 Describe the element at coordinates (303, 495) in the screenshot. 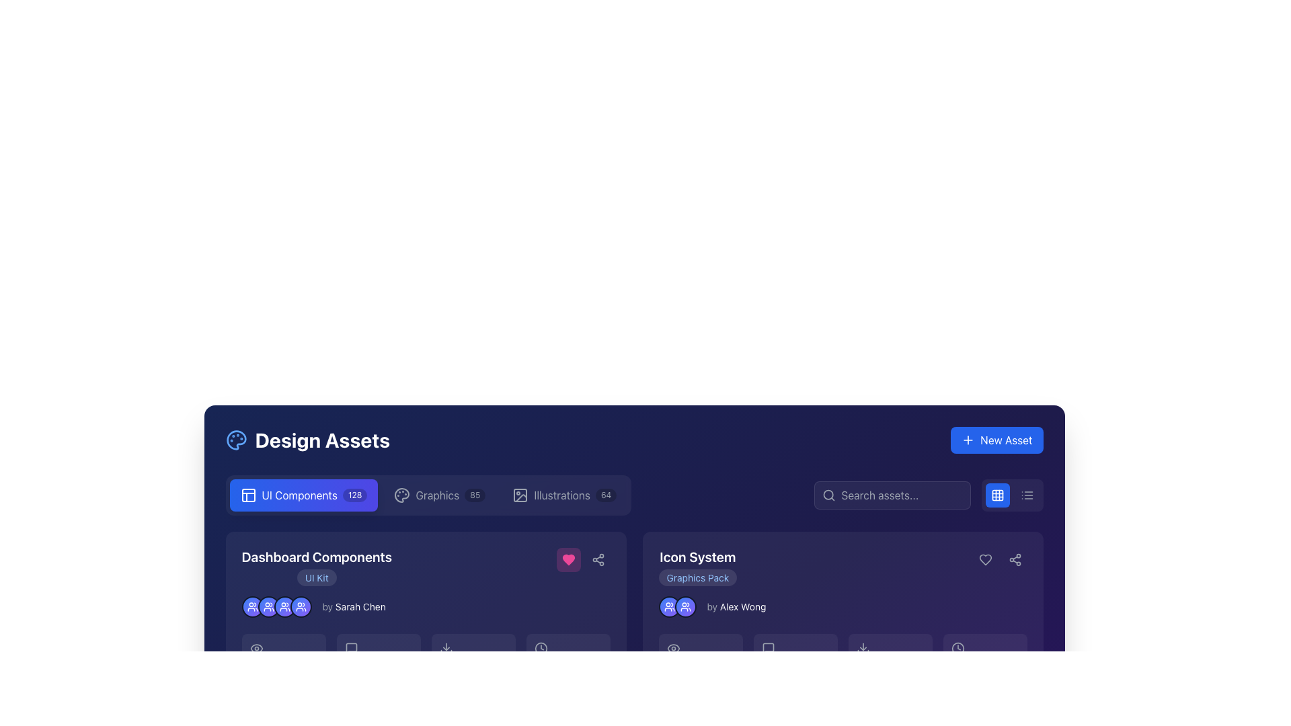

I see `the first button in the horizontal row beneath the heading 'Design Assets'` at that location.